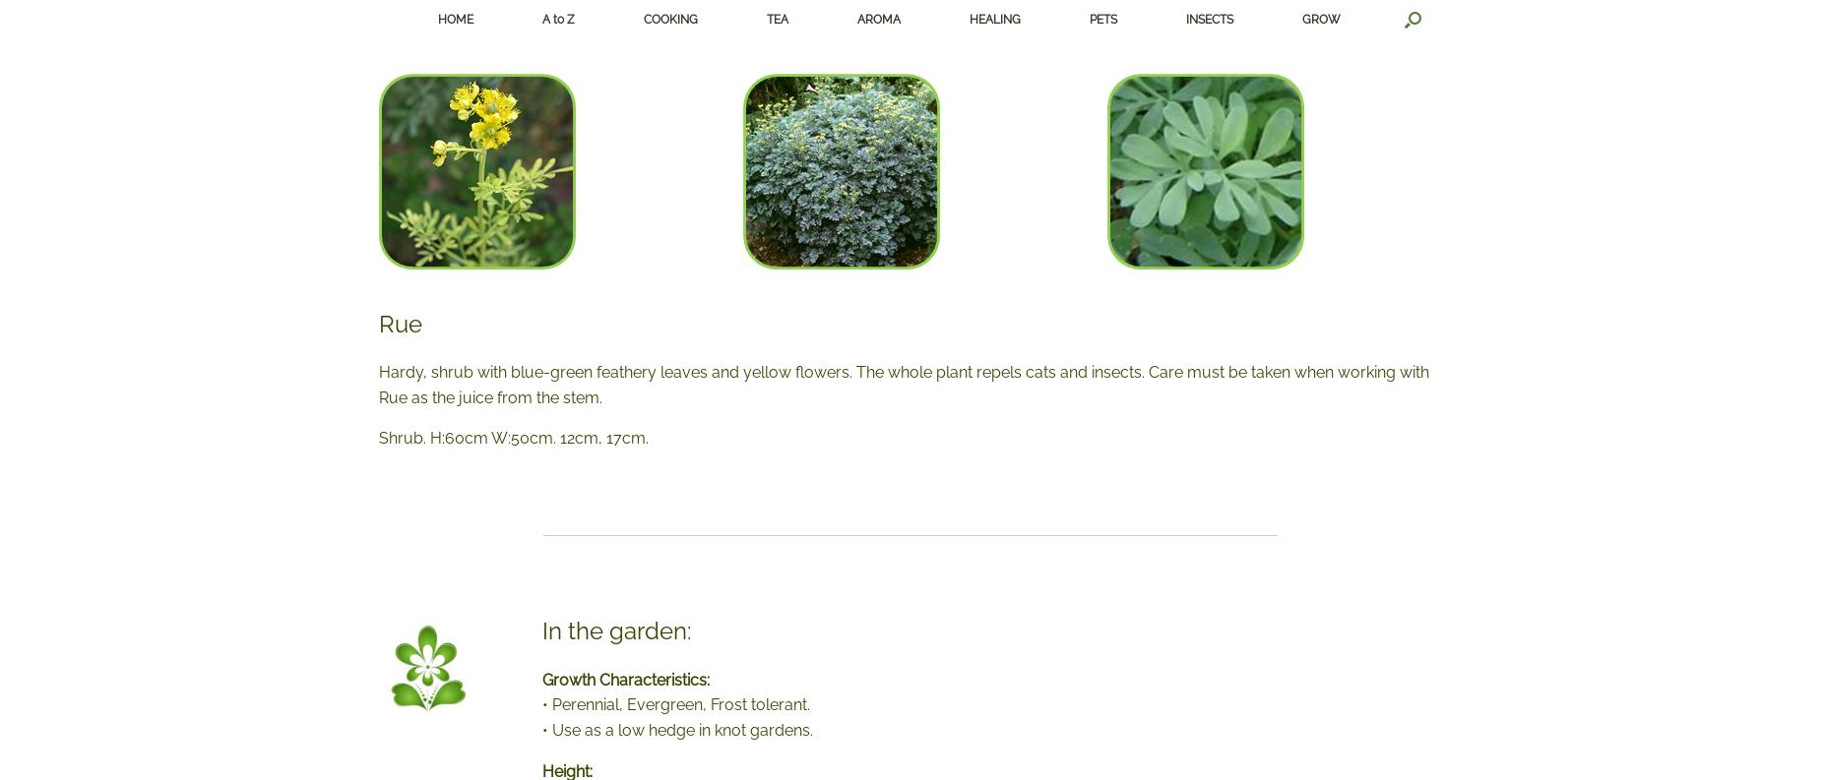  Describe the element at coordinates (557, 18) in the screenshot. I see `'A  to  Z'` at that location.